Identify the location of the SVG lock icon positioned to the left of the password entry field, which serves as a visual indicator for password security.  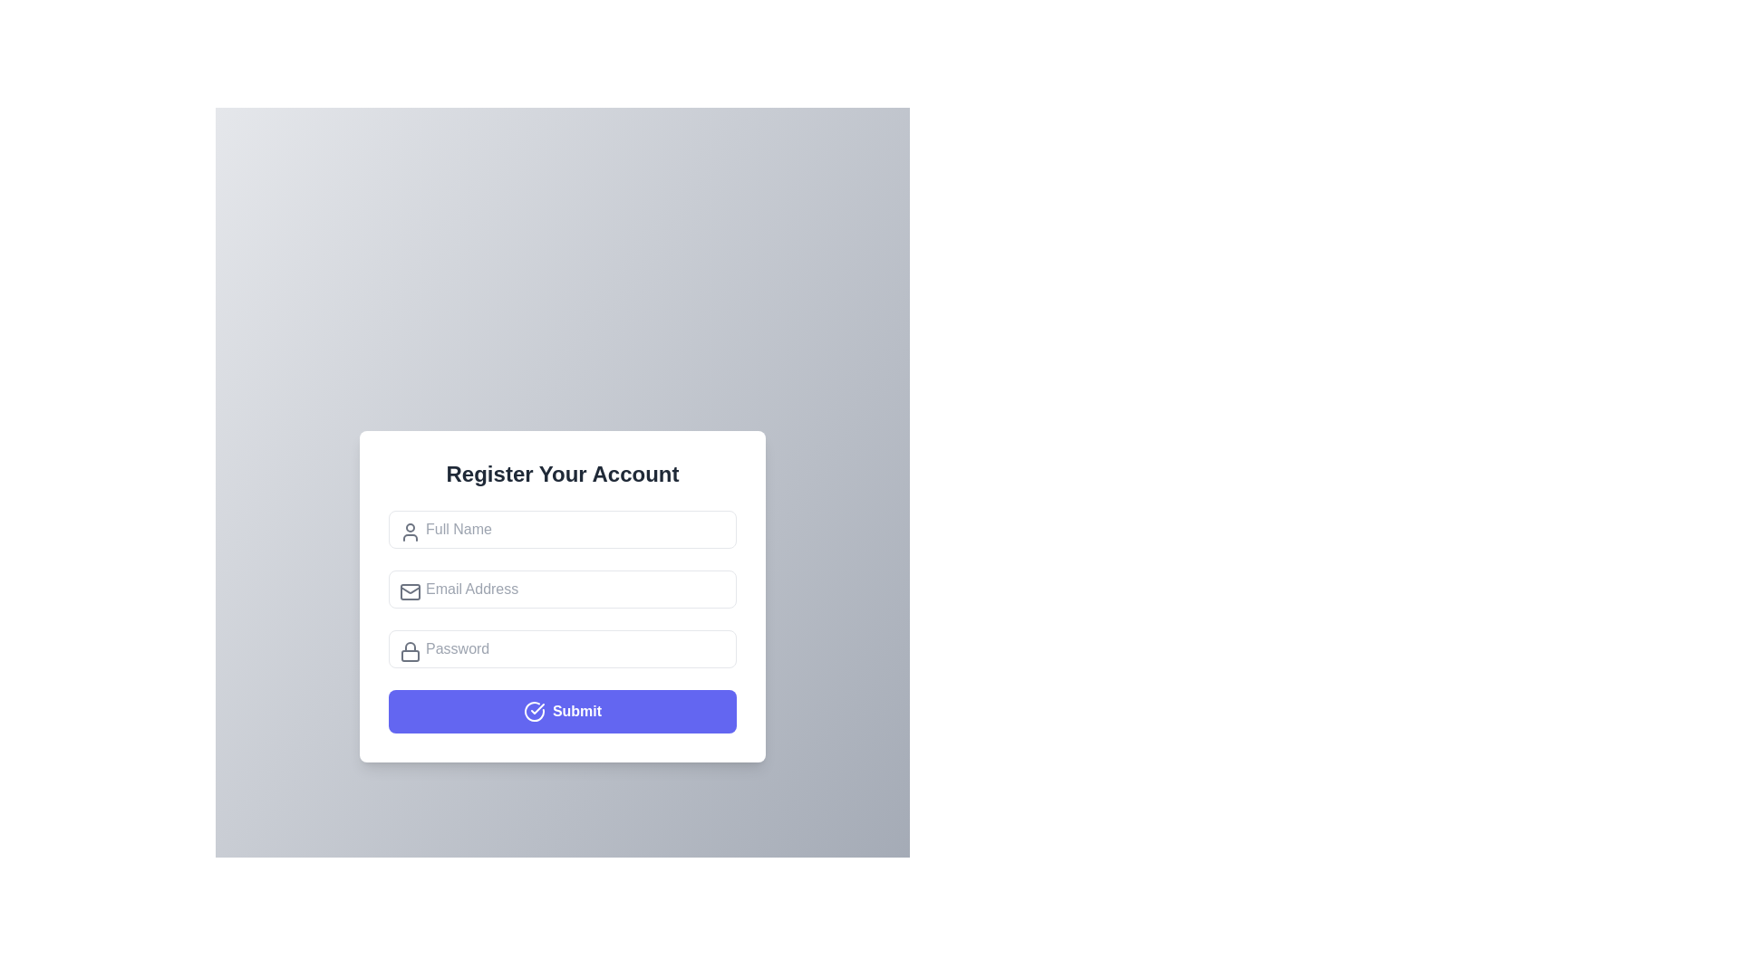
(409, 649).